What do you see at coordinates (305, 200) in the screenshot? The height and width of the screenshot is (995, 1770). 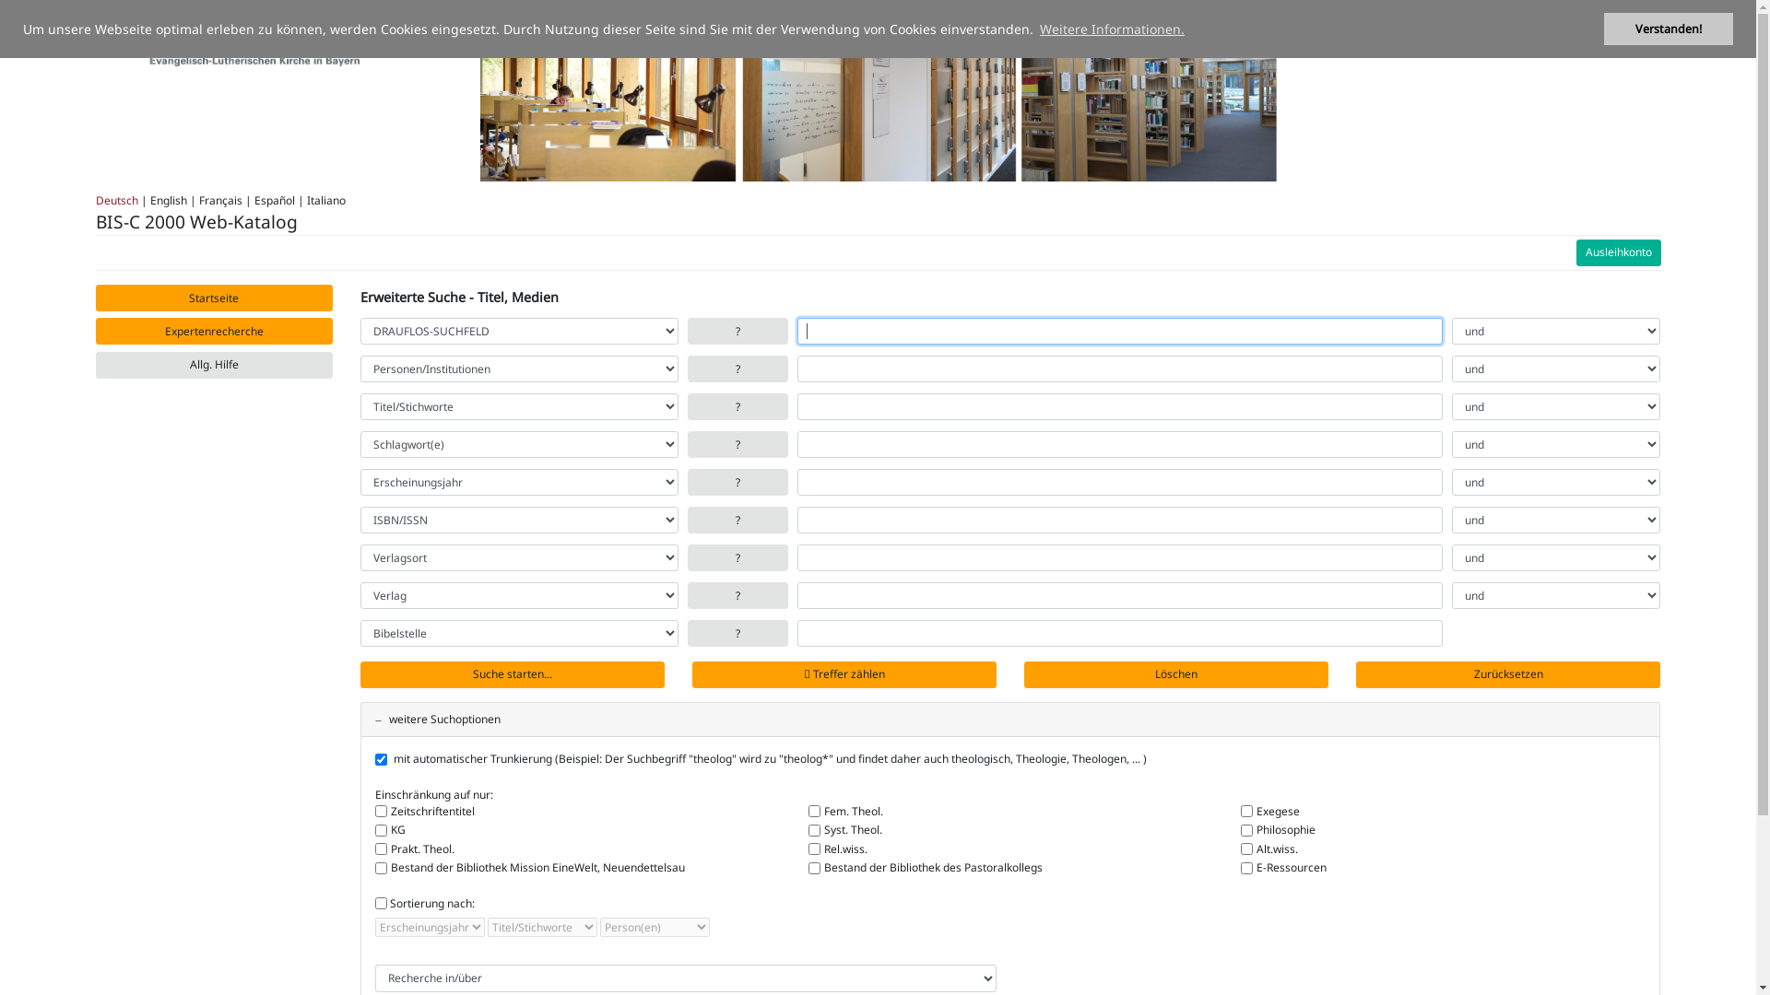 I see `'Italiano'` at bounding box center [305, 200].